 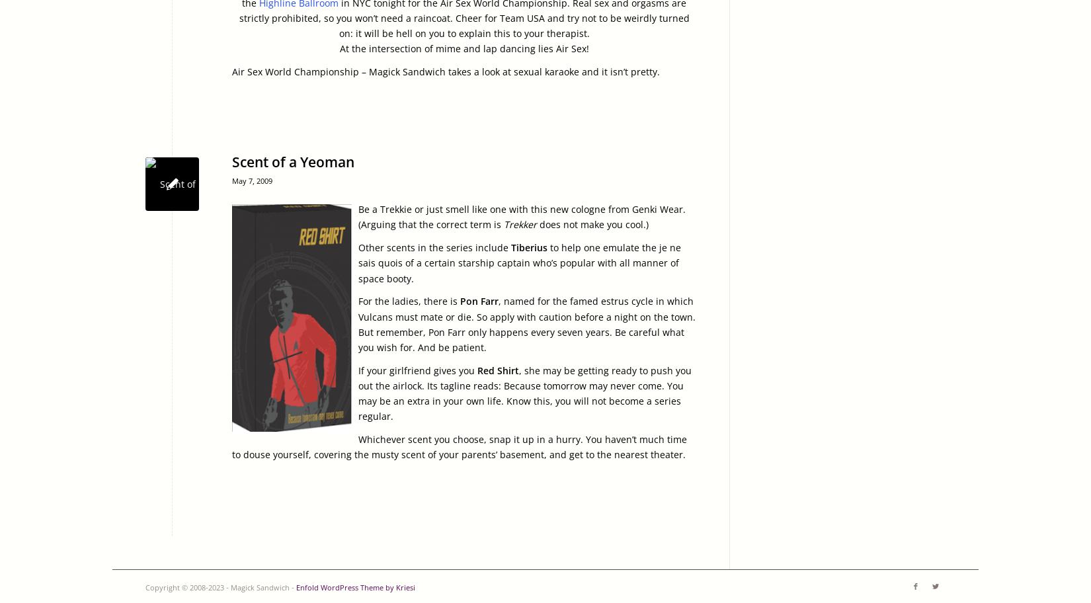 I want to click on 'Red Shirt', so click(x=497, y=370).